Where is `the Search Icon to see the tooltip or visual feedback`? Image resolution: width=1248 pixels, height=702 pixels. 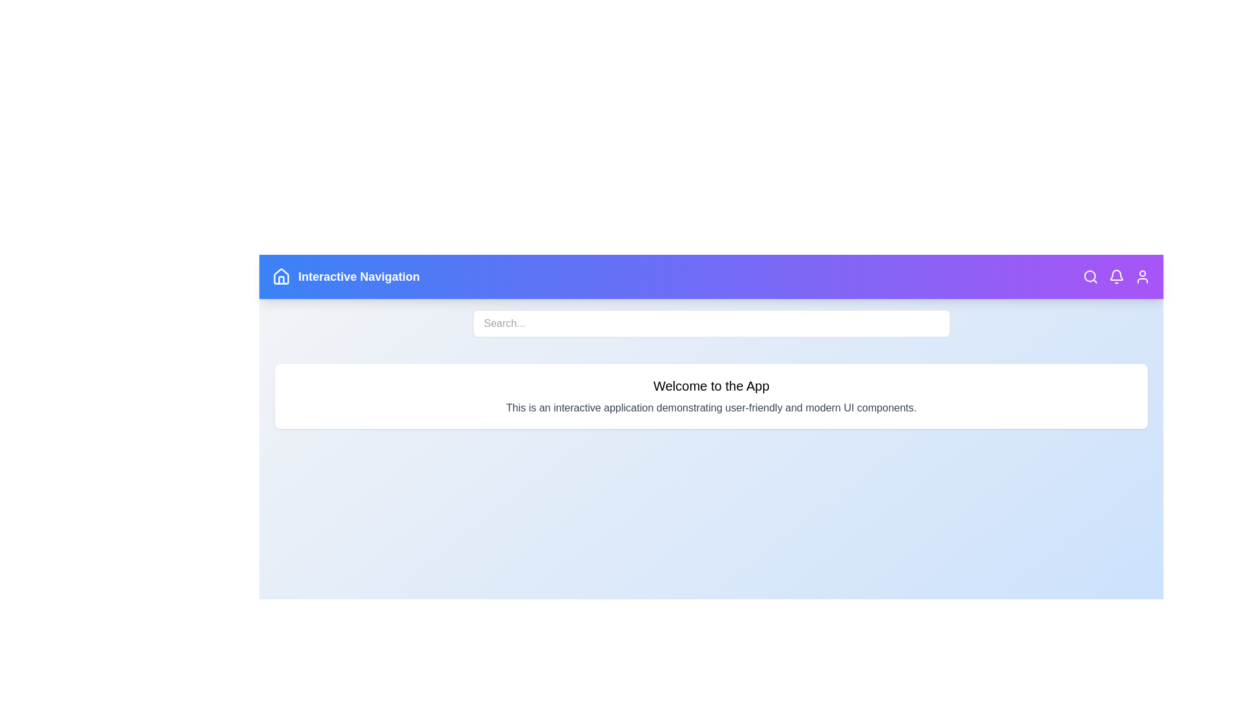 the Search Icon to see the tooltip or visual feedback is located at coordinates (1091, 276).